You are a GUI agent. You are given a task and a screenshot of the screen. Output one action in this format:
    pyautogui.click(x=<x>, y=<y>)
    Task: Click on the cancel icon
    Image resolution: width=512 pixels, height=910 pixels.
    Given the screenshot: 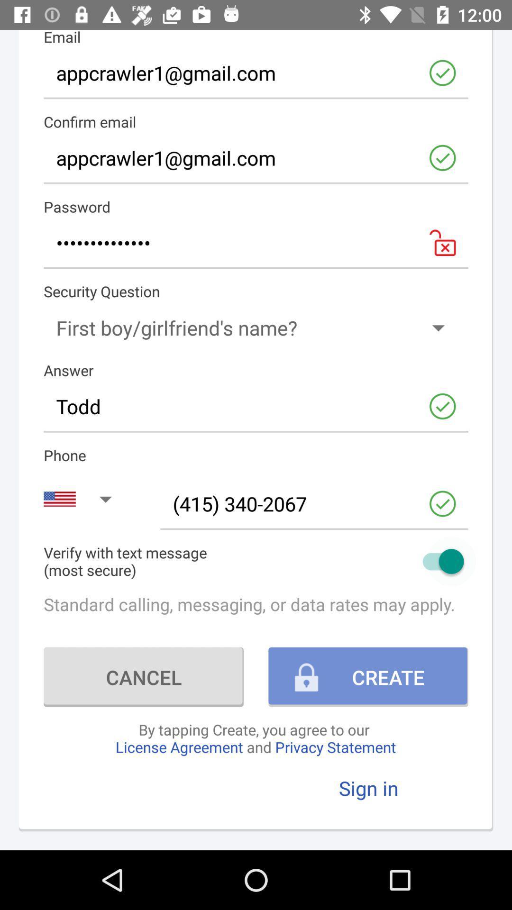 What is the action you would take?
    pyautogui.click(x=144, y=676)
    